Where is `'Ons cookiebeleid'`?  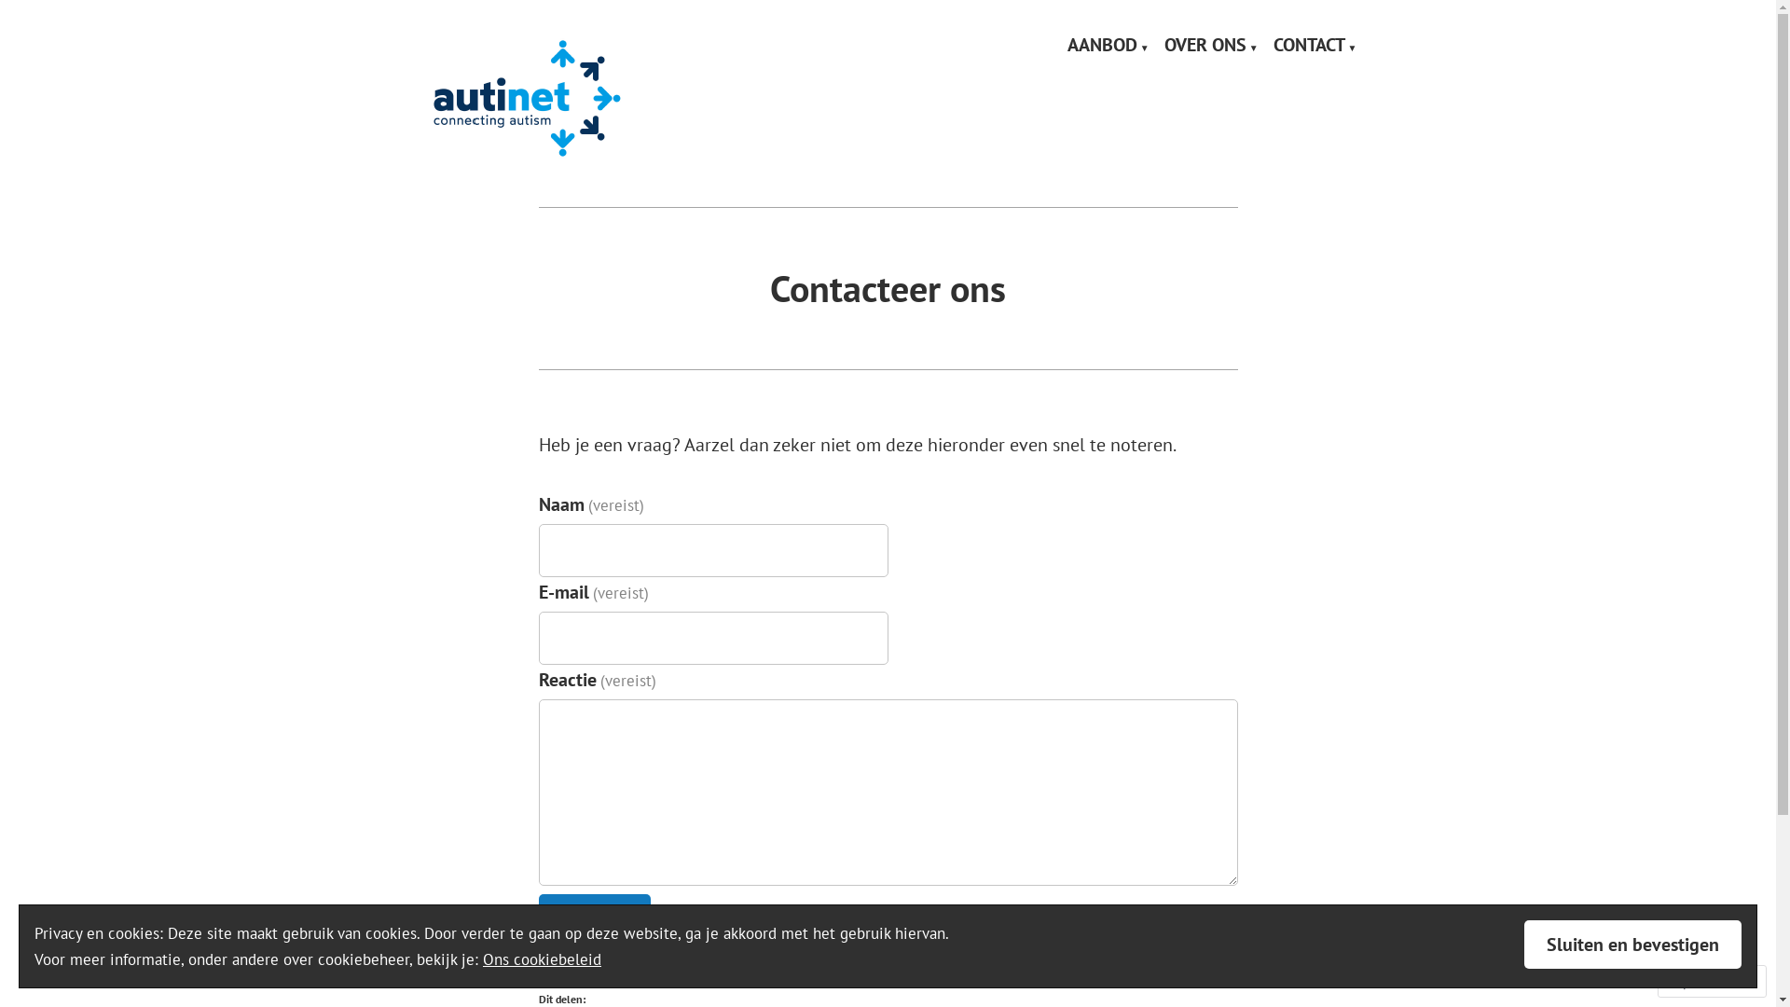 'Ons cookiebeleid' is located at coordinates (541, 959).